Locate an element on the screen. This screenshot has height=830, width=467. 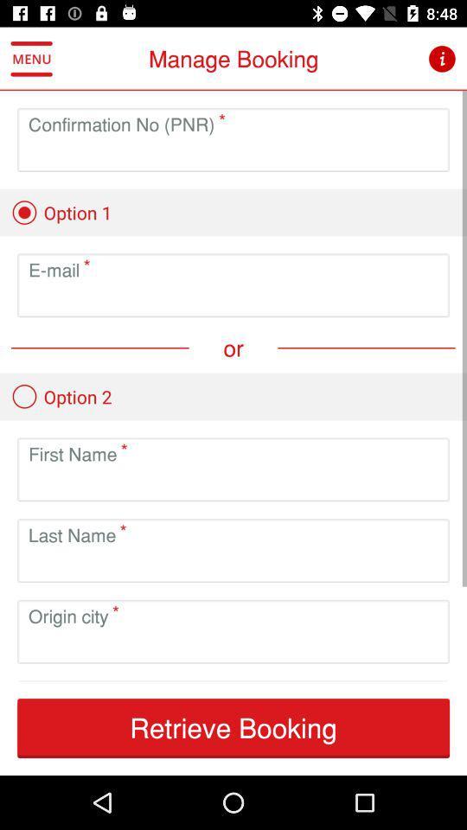
the first name is located at coordinates (233, 483).